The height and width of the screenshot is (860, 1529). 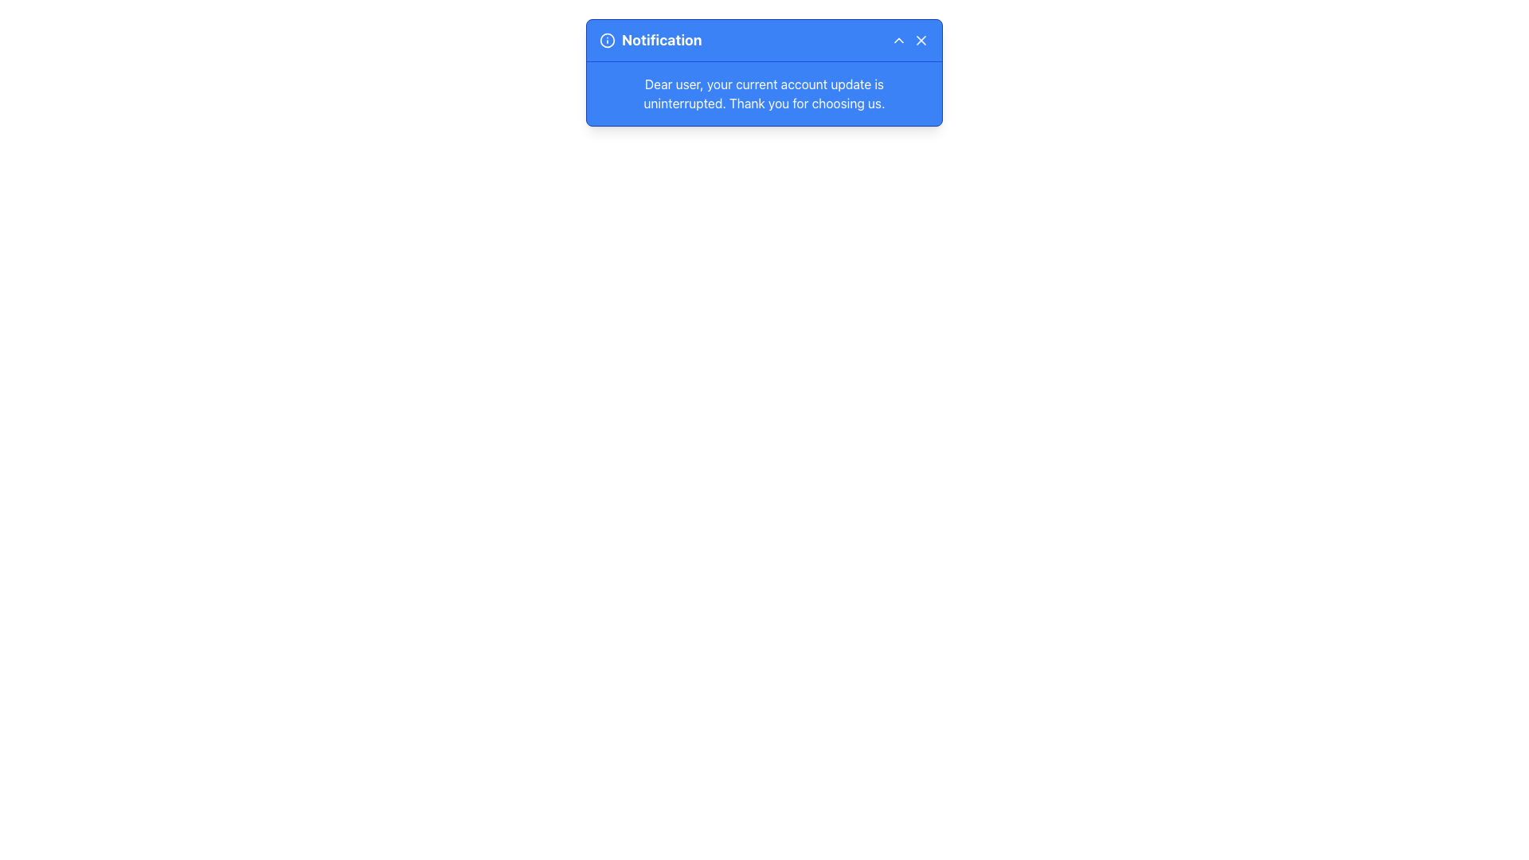 I want to click on the informational text block located within the notification panel, positioned below the notification title 'Notification', so click(x=764, y=94).